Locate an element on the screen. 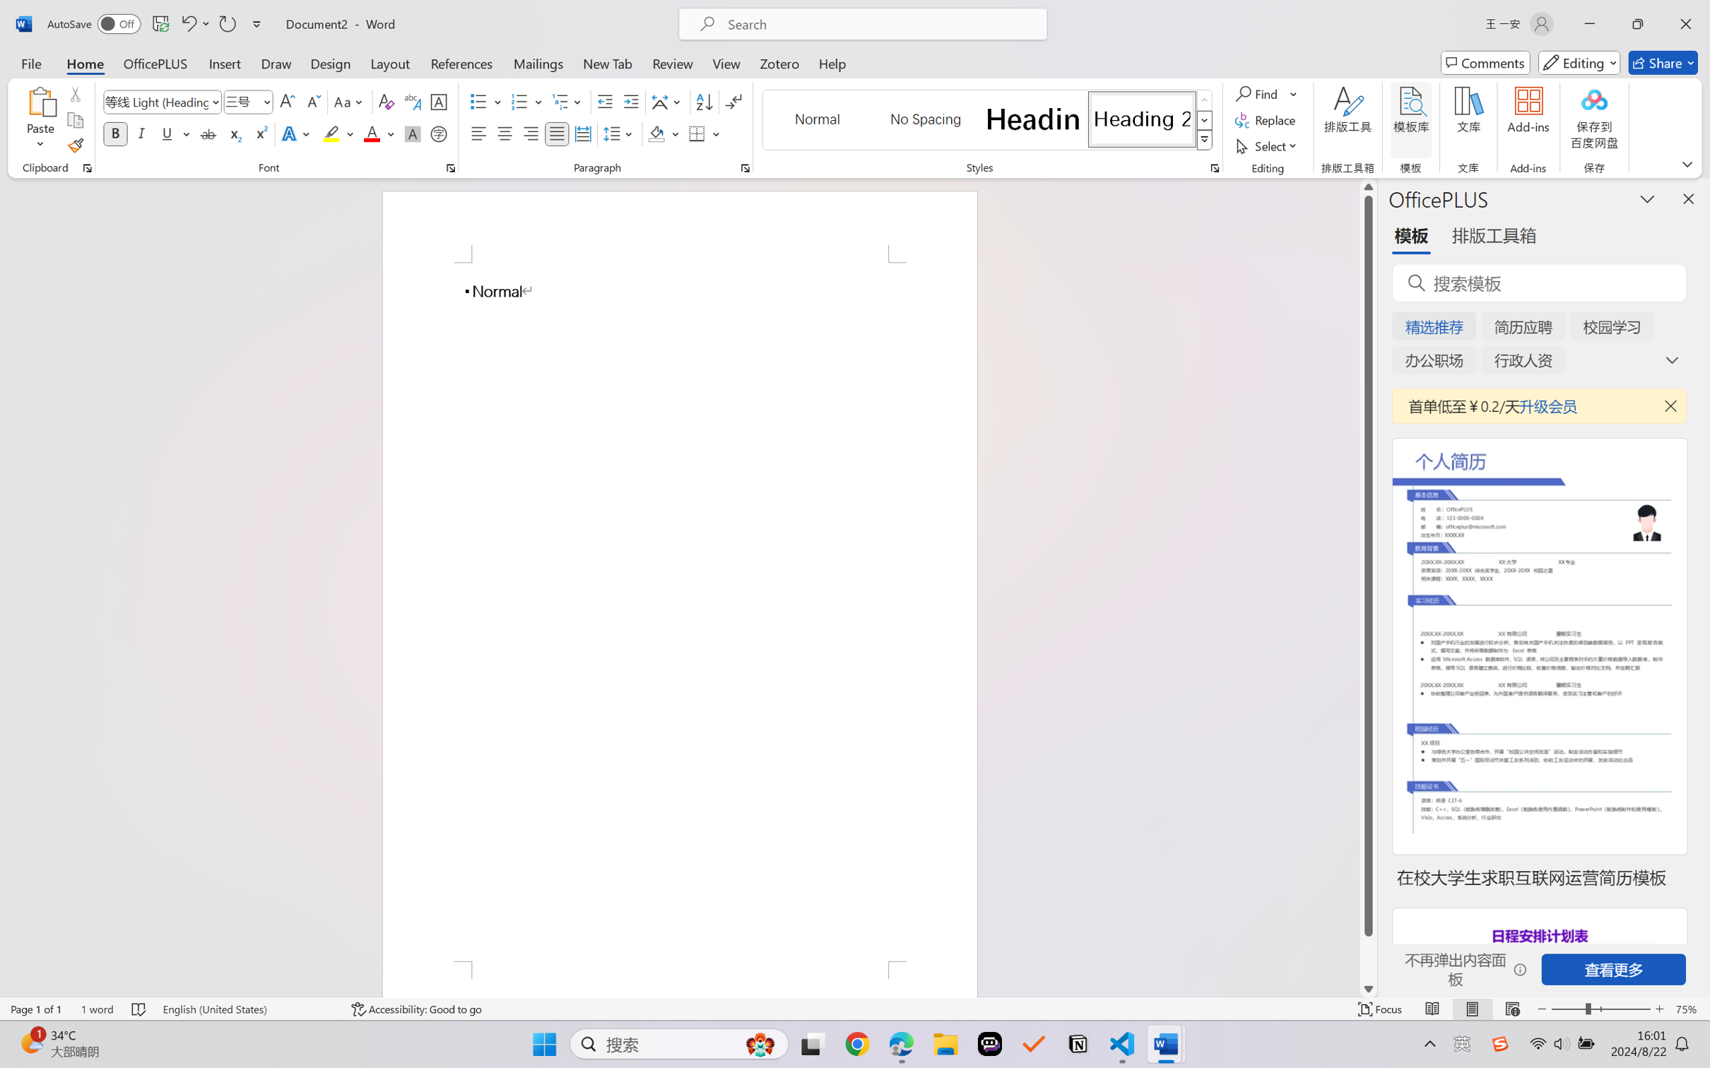  'Align Right' is located at coordinates (531, 133).